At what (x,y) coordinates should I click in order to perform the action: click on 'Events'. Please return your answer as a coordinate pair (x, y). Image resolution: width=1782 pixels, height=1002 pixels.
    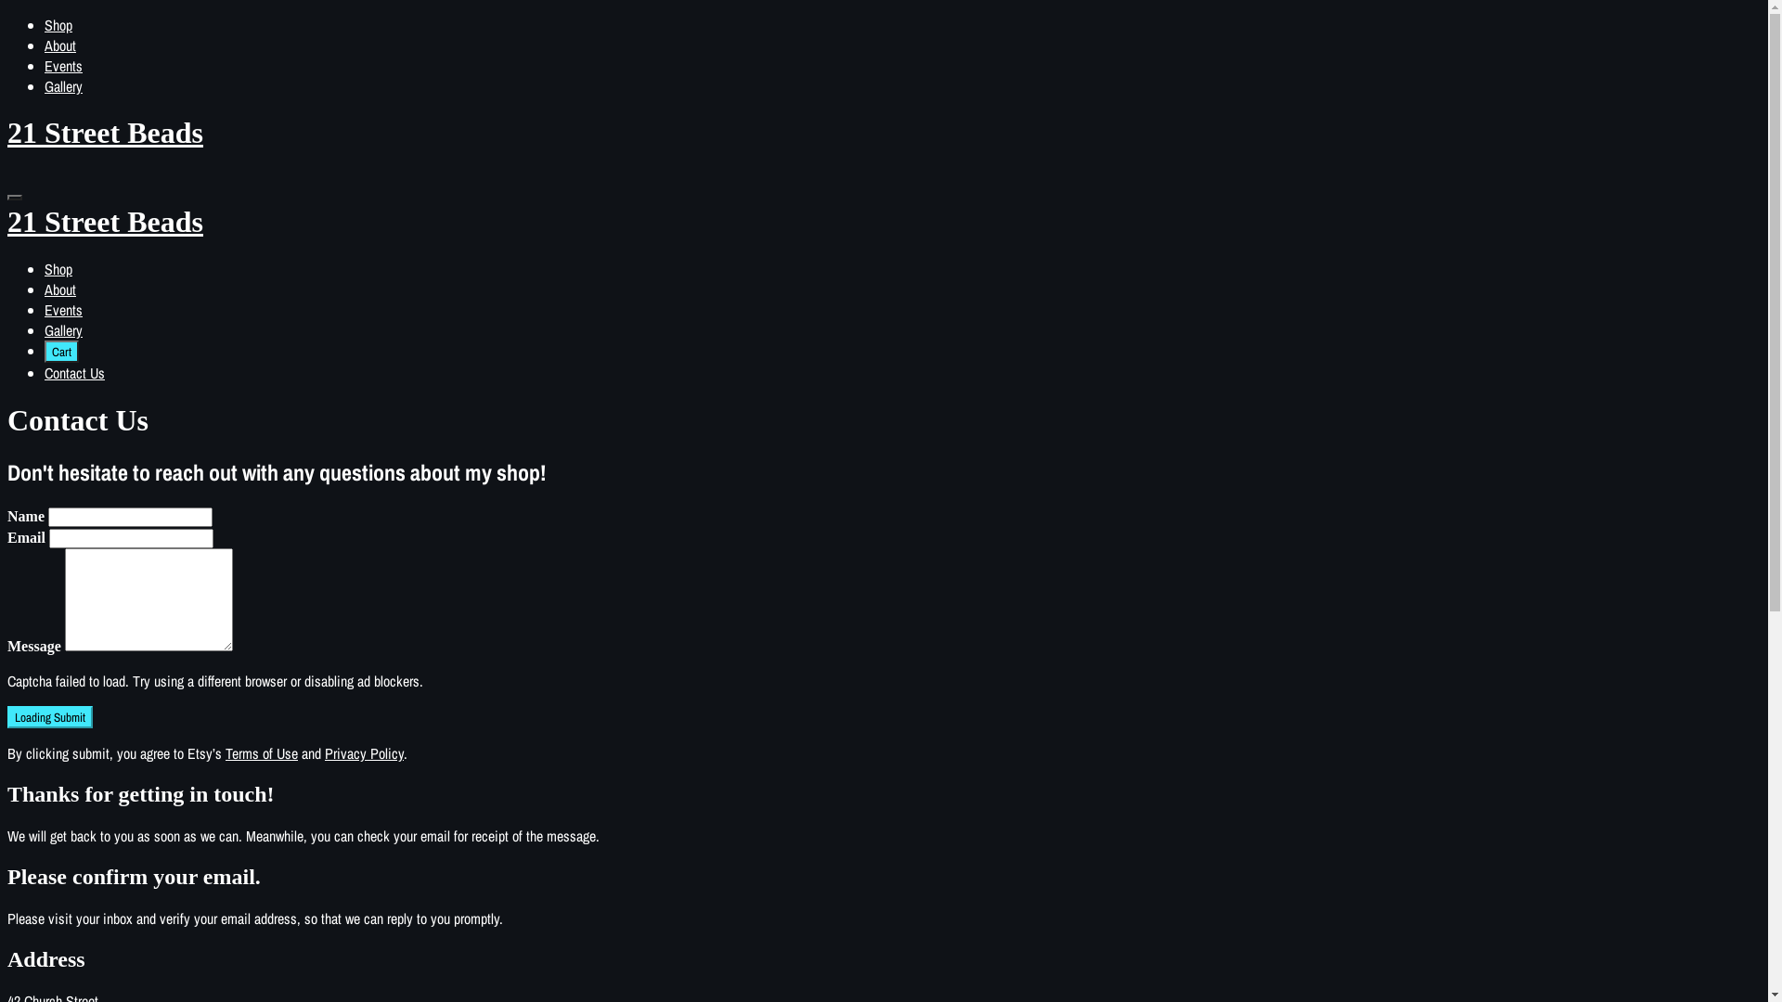
    Looking at the image, I should click on (63, 64).